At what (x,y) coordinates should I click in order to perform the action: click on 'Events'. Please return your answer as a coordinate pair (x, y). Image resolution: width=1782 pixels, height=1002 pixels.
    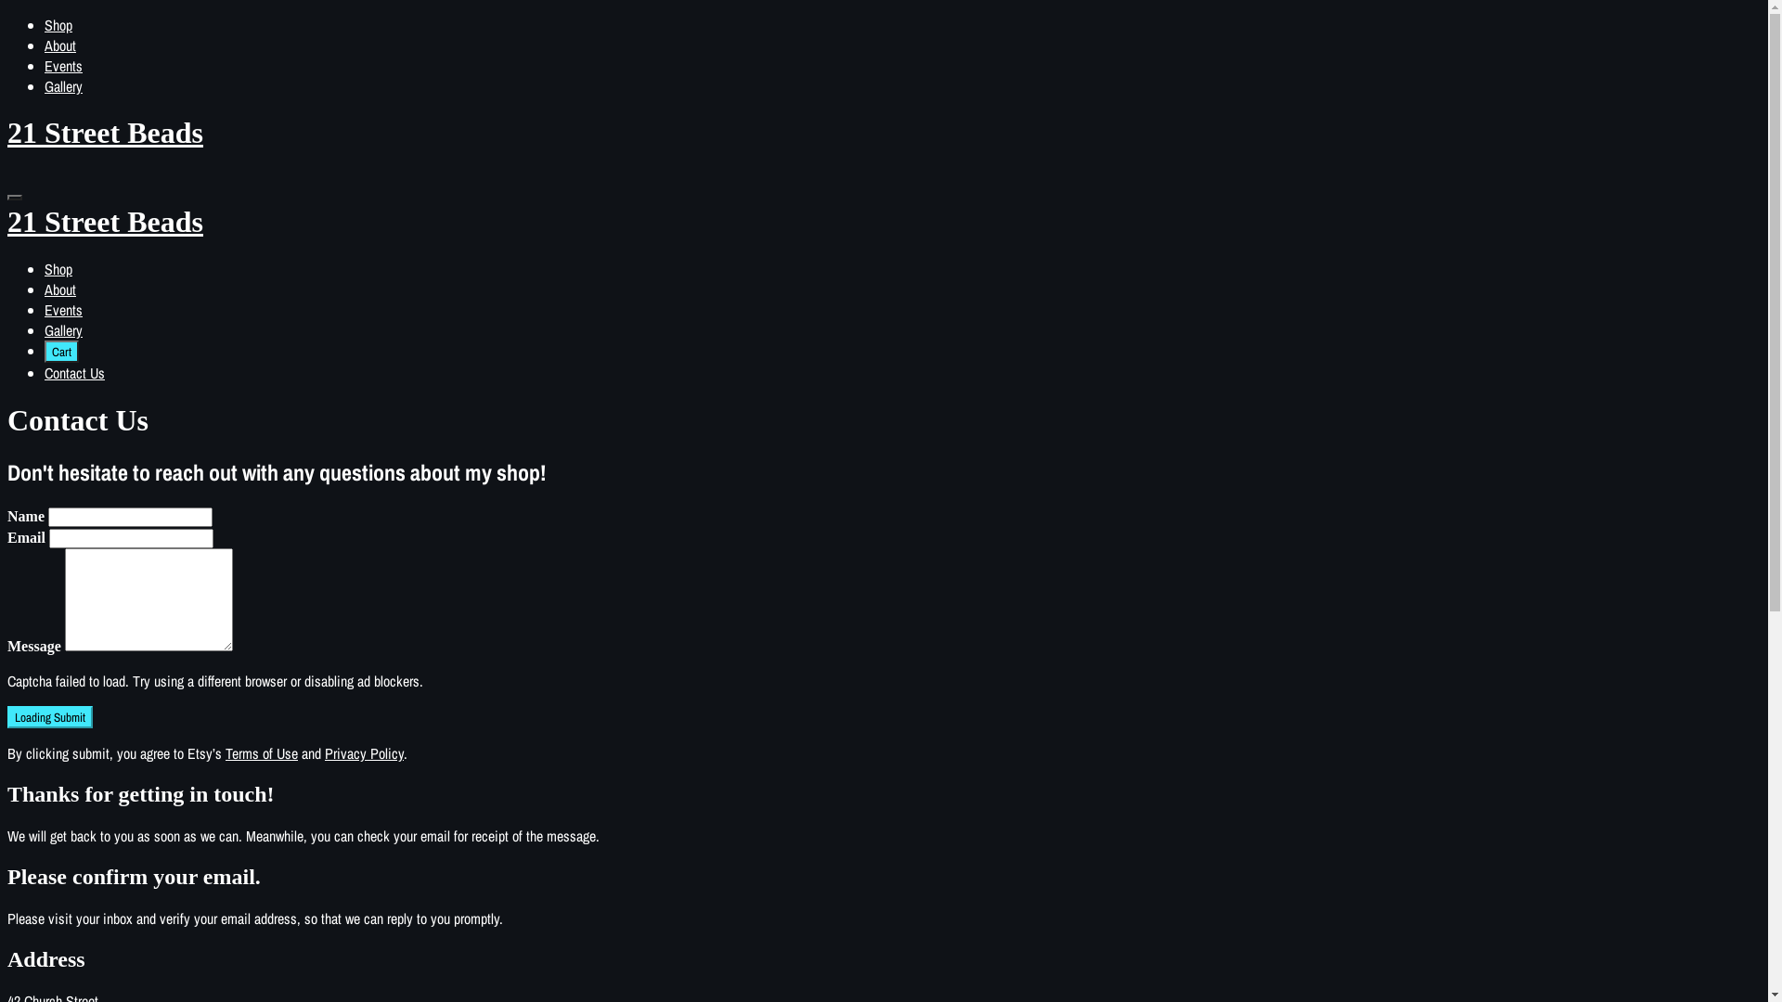
    Looking at the image, I should click on (63, 64).